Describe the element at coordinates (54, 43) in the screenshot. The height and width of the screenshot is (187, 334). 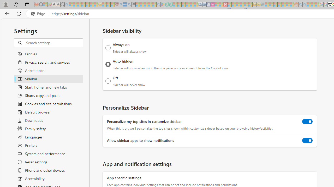
I see `'Search settings'` at that location.